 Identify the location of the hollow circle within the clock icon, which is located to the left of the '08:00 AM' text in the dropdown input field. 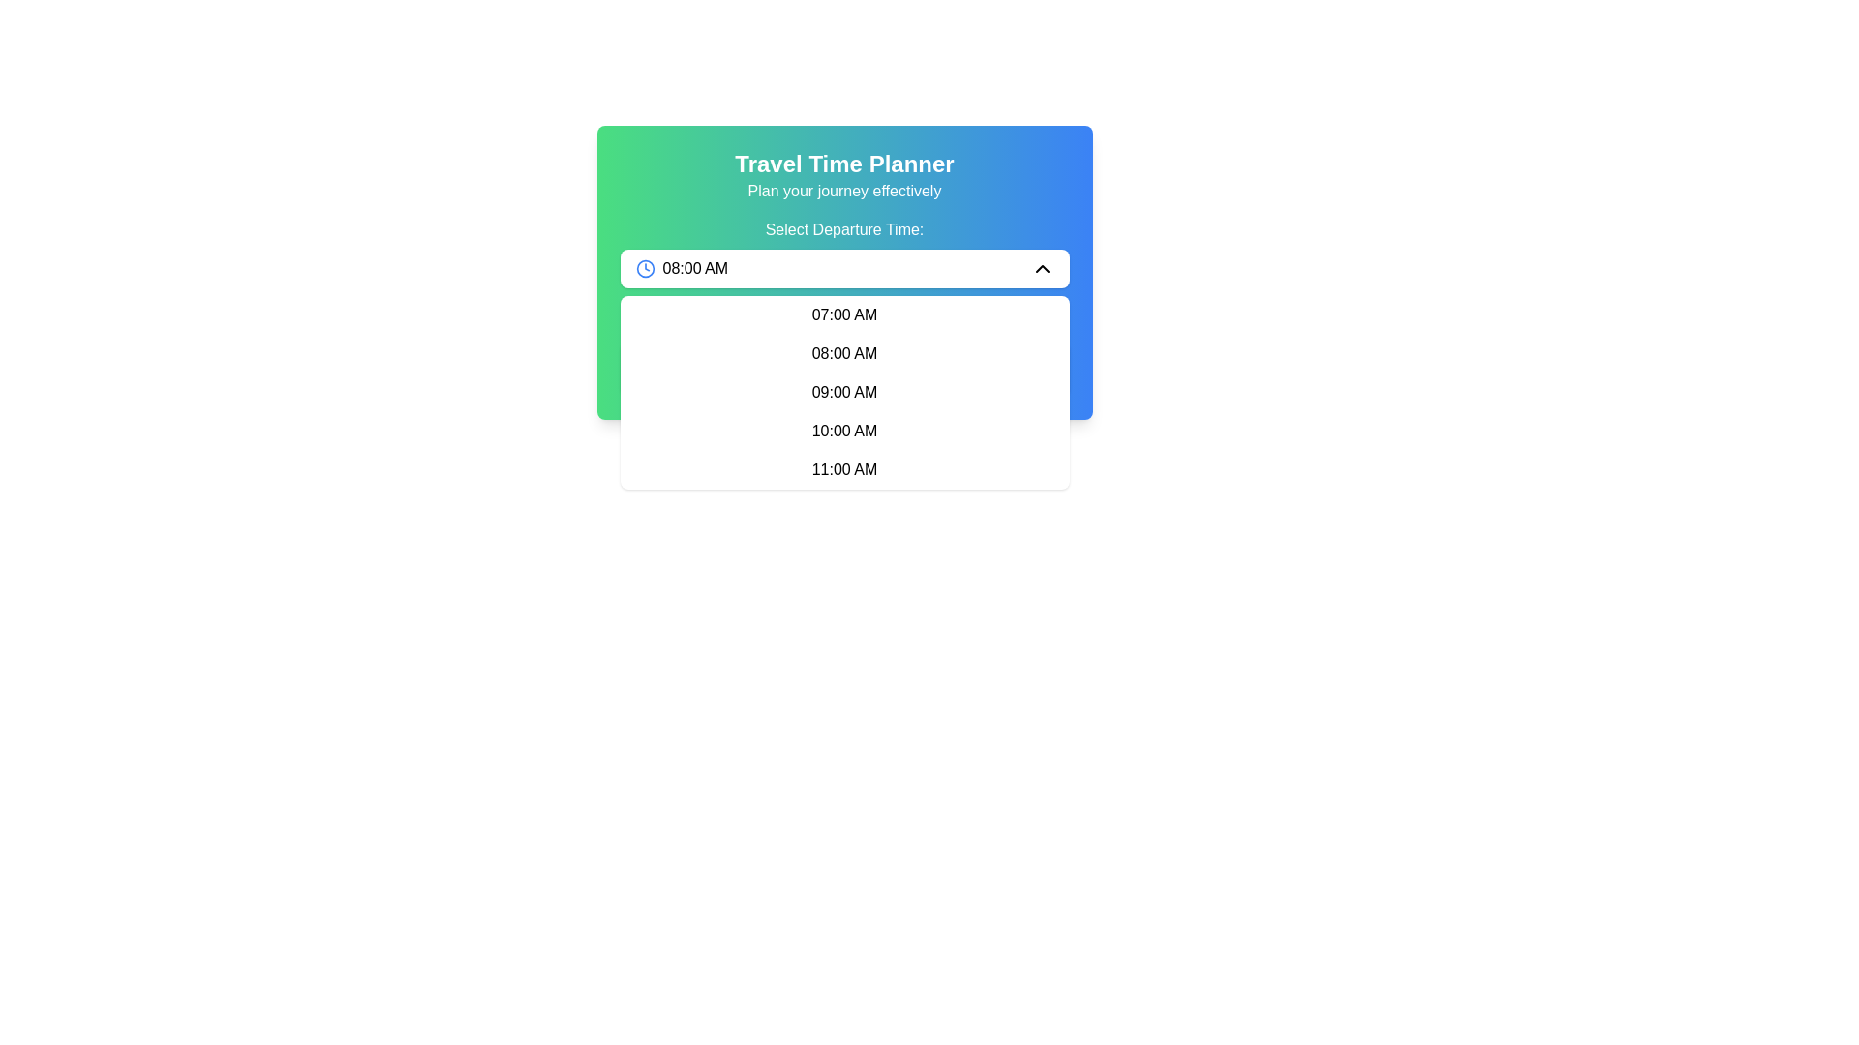
(645, 268).